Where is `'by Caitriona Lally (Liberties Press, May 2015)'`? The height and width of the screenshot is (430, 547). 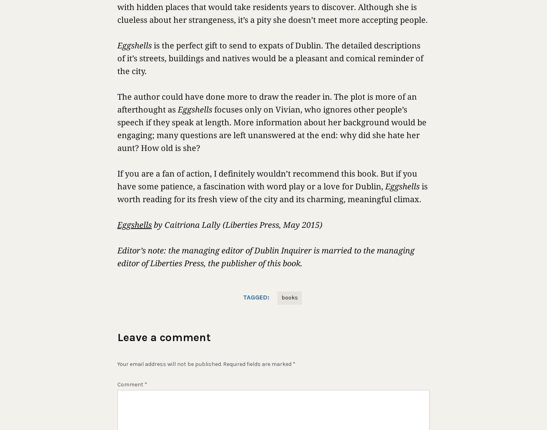
'by Caitriona Lally (Liberties Press, May 2015)' is located at coordinates (237, 224).